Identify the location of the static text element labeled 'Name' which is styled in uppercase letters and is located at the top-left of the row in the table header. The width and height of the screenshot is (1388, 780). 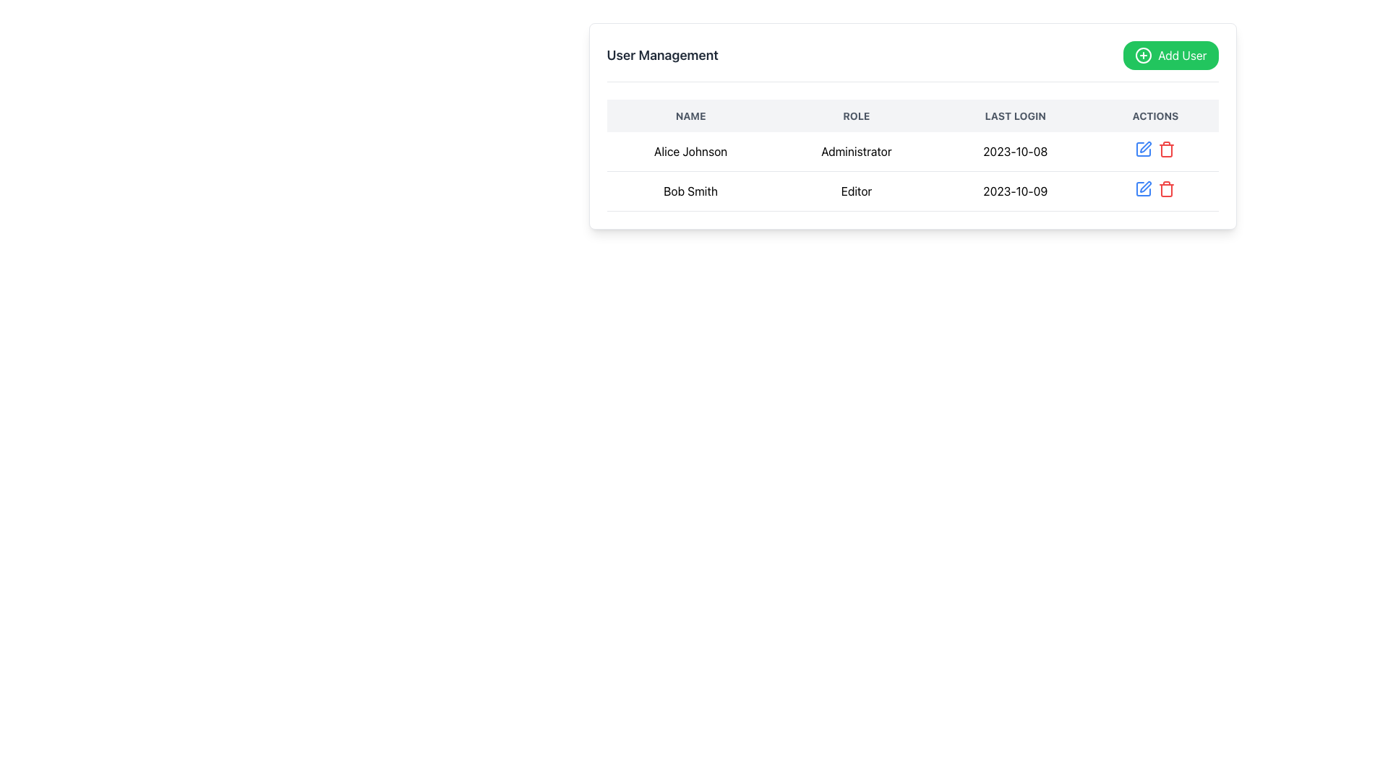
(690, 115).